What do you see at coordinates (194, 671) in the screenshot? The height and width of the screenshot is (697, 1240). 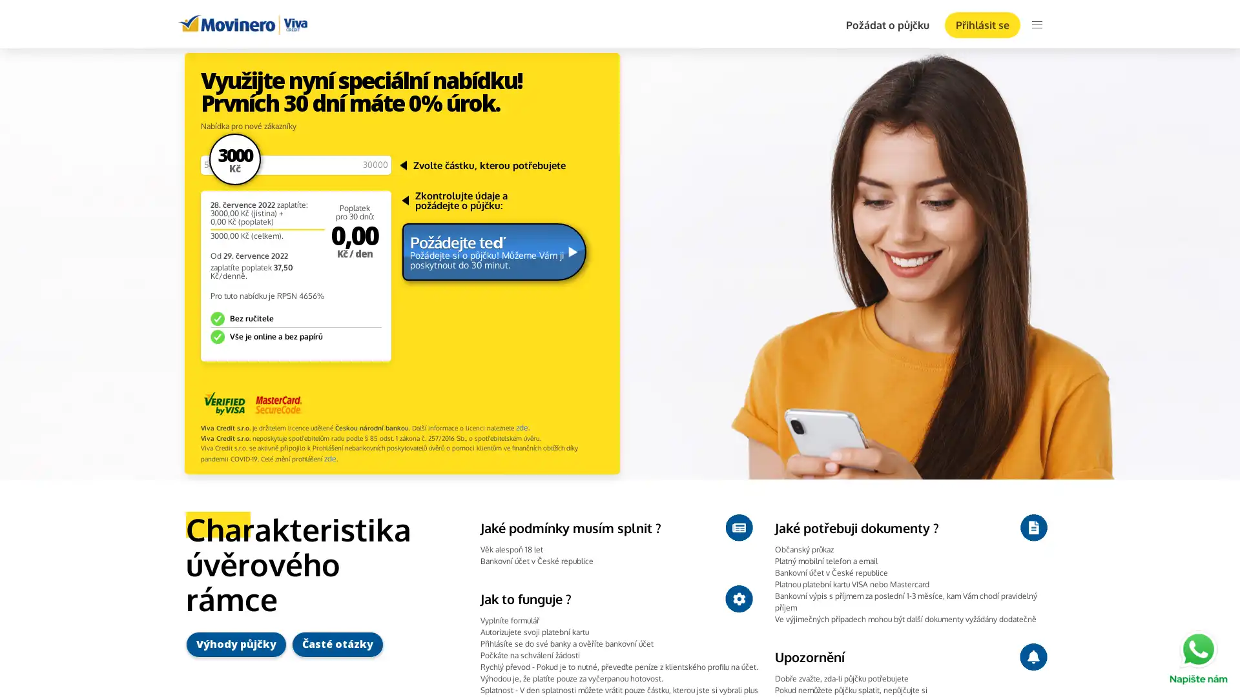 I see `Ok` at bounding box center [194, 671].